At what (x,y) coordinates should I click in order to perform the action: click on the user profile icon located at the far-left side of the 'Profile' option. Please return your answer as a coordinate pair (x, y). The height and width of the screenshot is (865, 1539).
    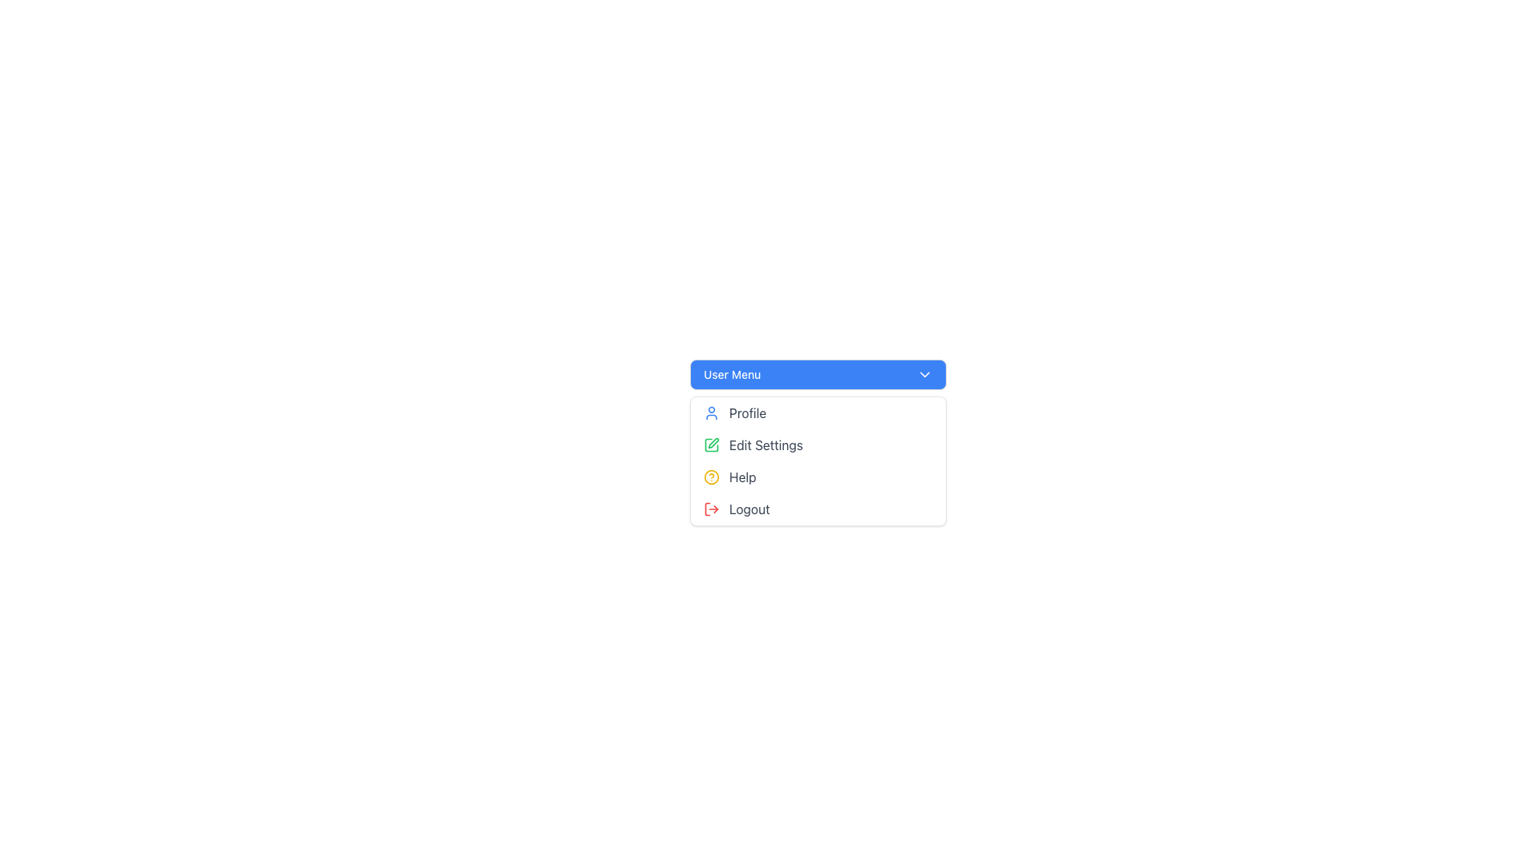
    Looking at the image, I should click on (711, 412).